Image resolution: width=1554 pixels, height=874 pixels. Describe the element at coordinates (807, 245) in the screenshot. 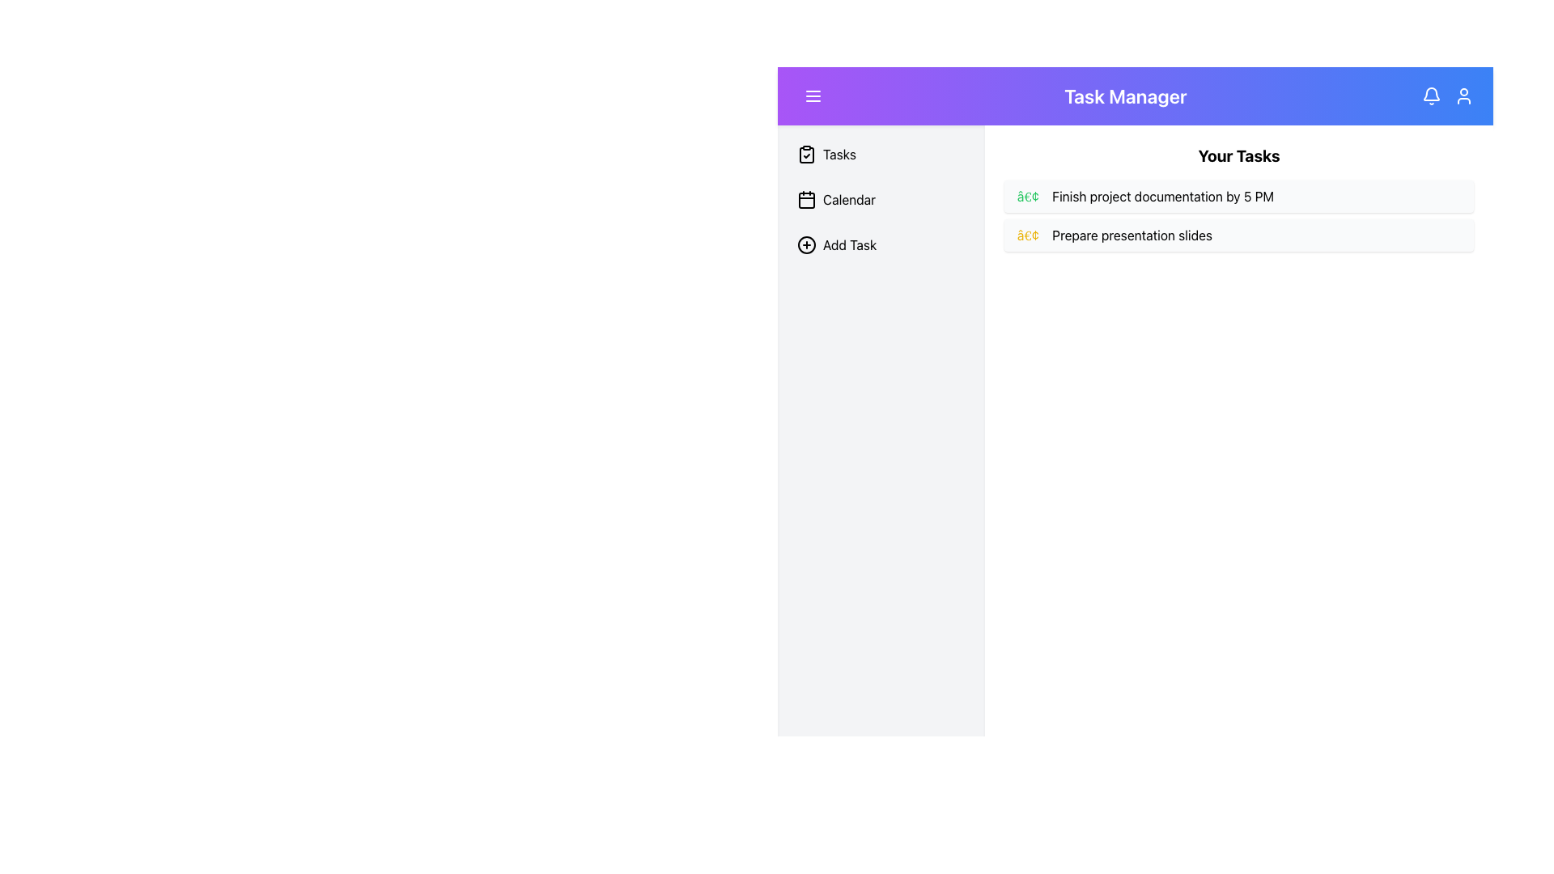

I see `the SVG Circle component, which is part of the plus icon in the vertical navigation bar, located near the 'Add Task' text` at that location.